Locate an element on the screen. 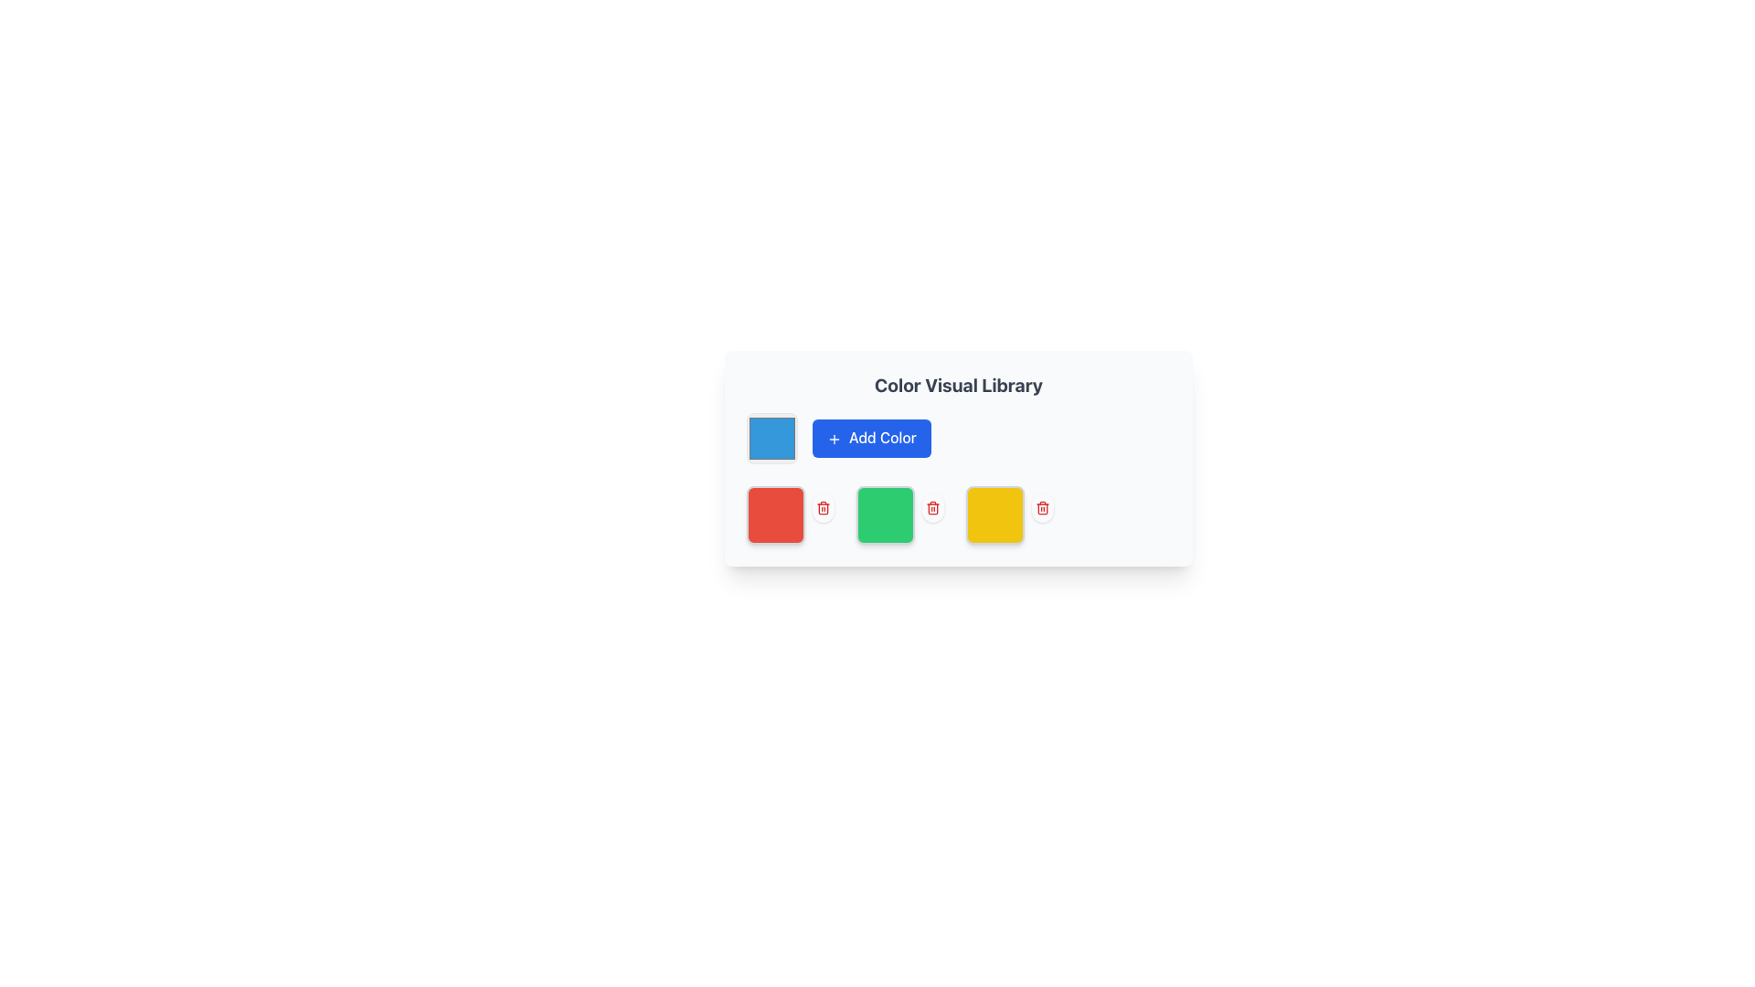 Image resolution: width=1755 pixels, height=987 pixels. the delete icon button located in the bottom-right corner of the 'Color Visual Library' group is located at coordinates (1043, 507).